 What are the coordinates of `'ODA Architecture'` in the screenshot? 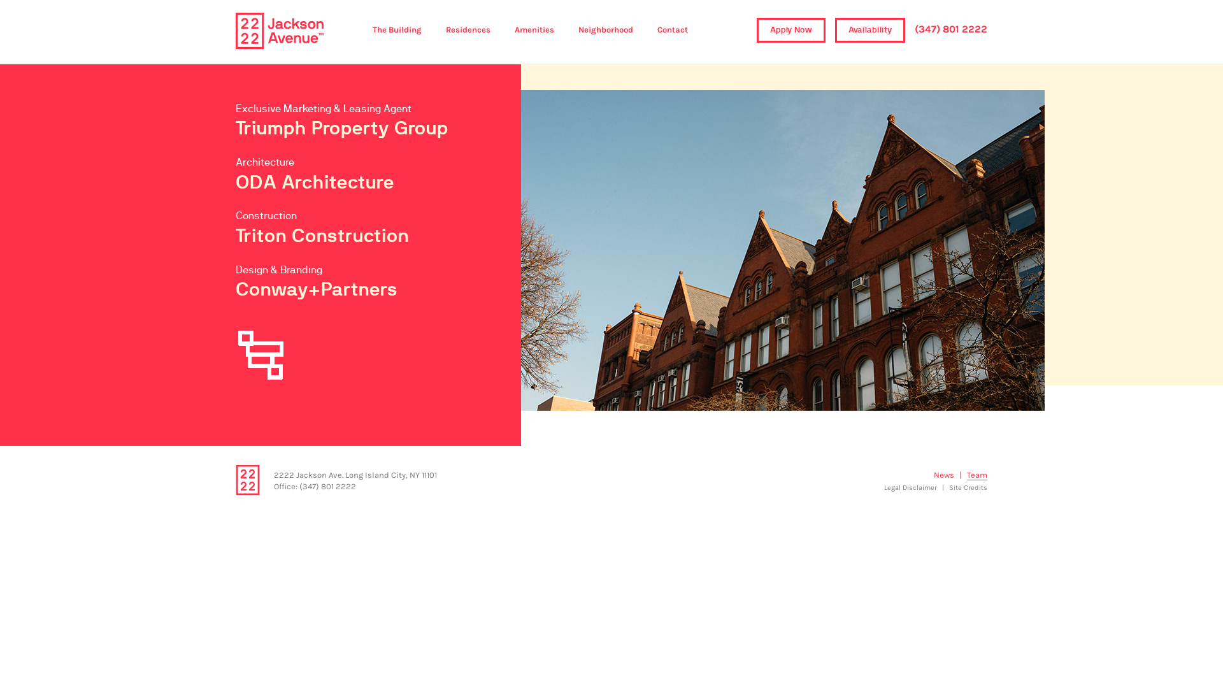 It's located at (315, 182).